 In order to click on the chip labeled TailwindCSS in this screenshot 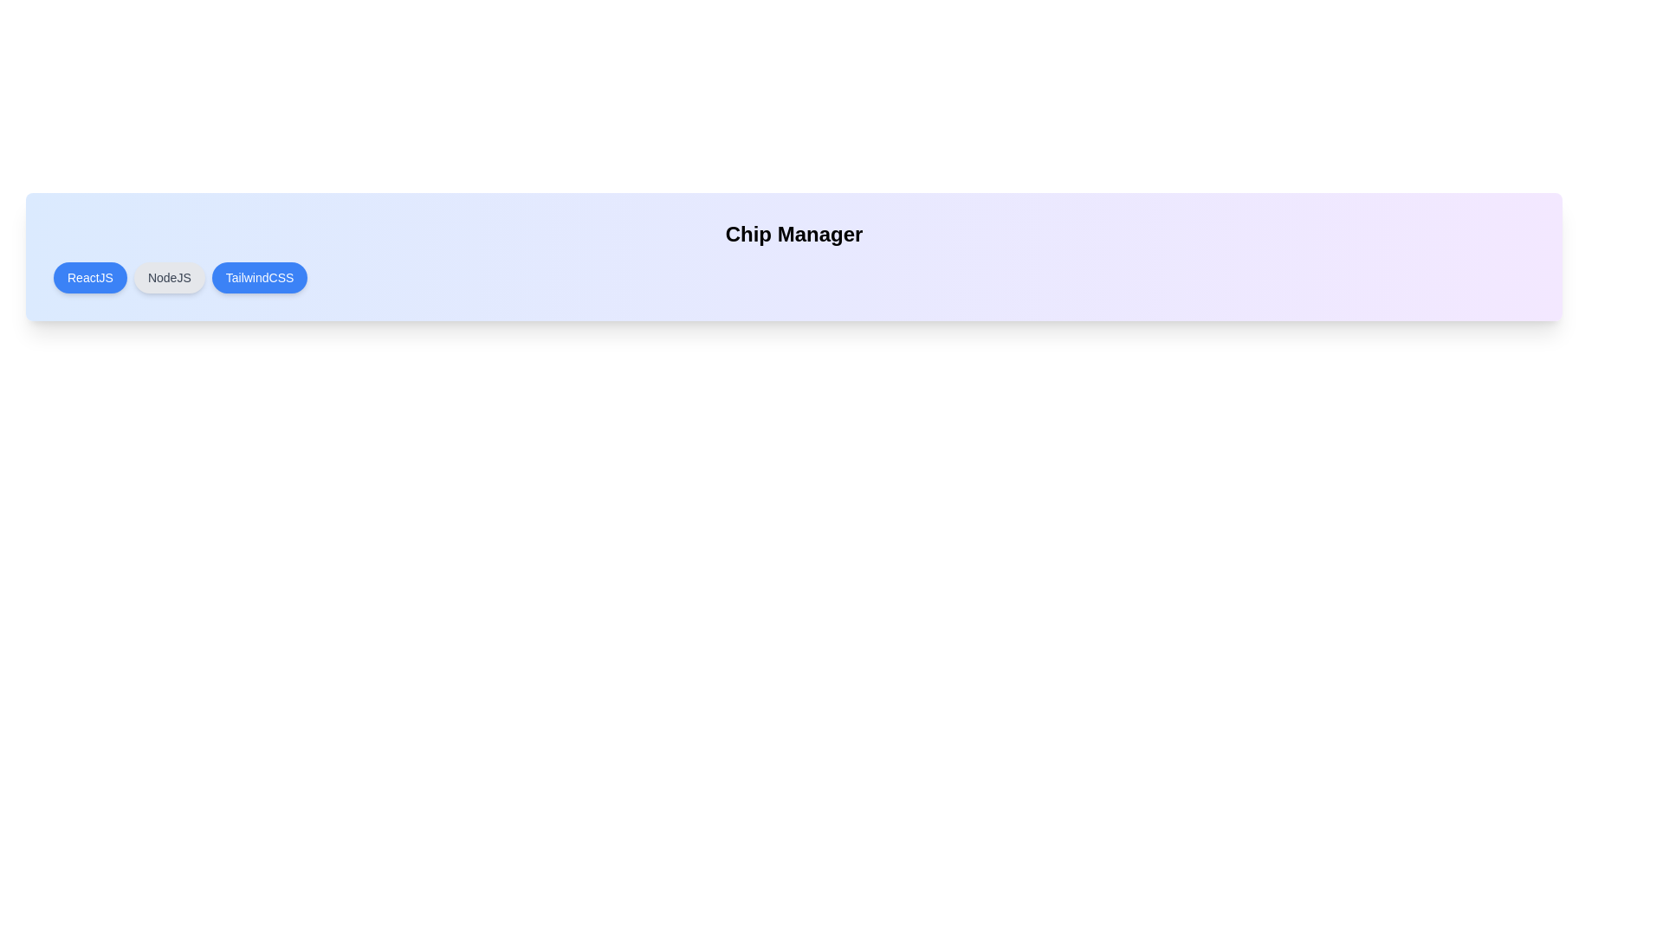, I will do `click(259, 276)`.